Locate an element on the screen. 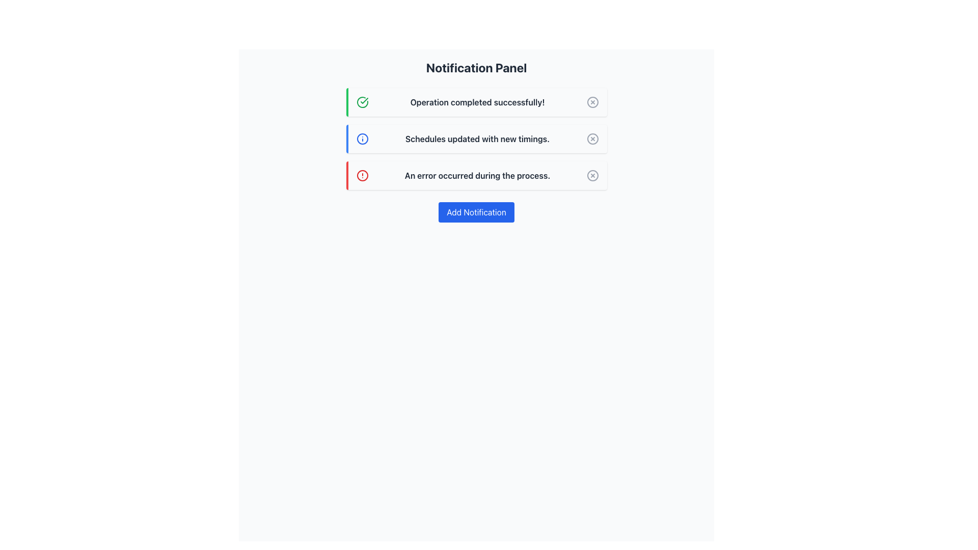  the red circular SVG element that indicates an error or alert, located in the third notification row next to the text 'An error occurred during the process.' is located at coordinates (362, 175).